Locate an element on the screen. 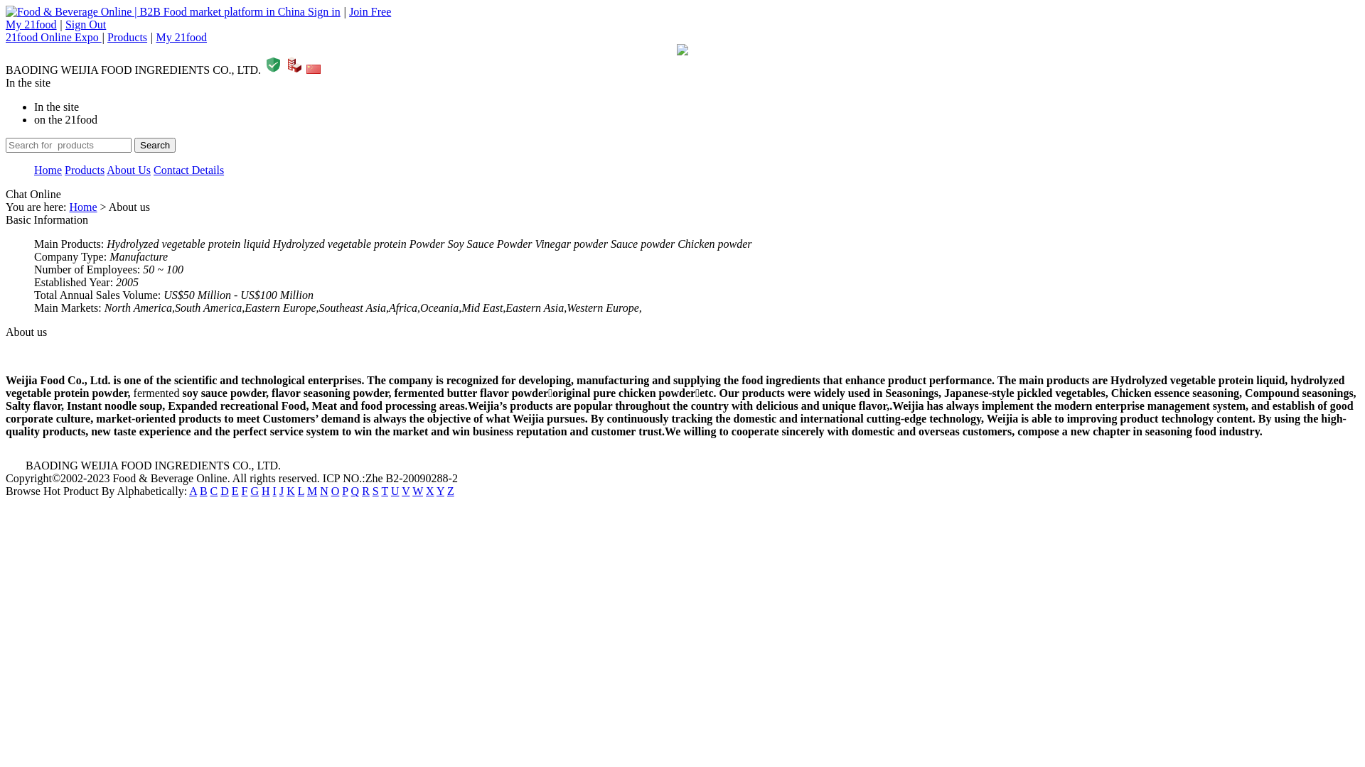  'K' is located at coordinates (289, 490).